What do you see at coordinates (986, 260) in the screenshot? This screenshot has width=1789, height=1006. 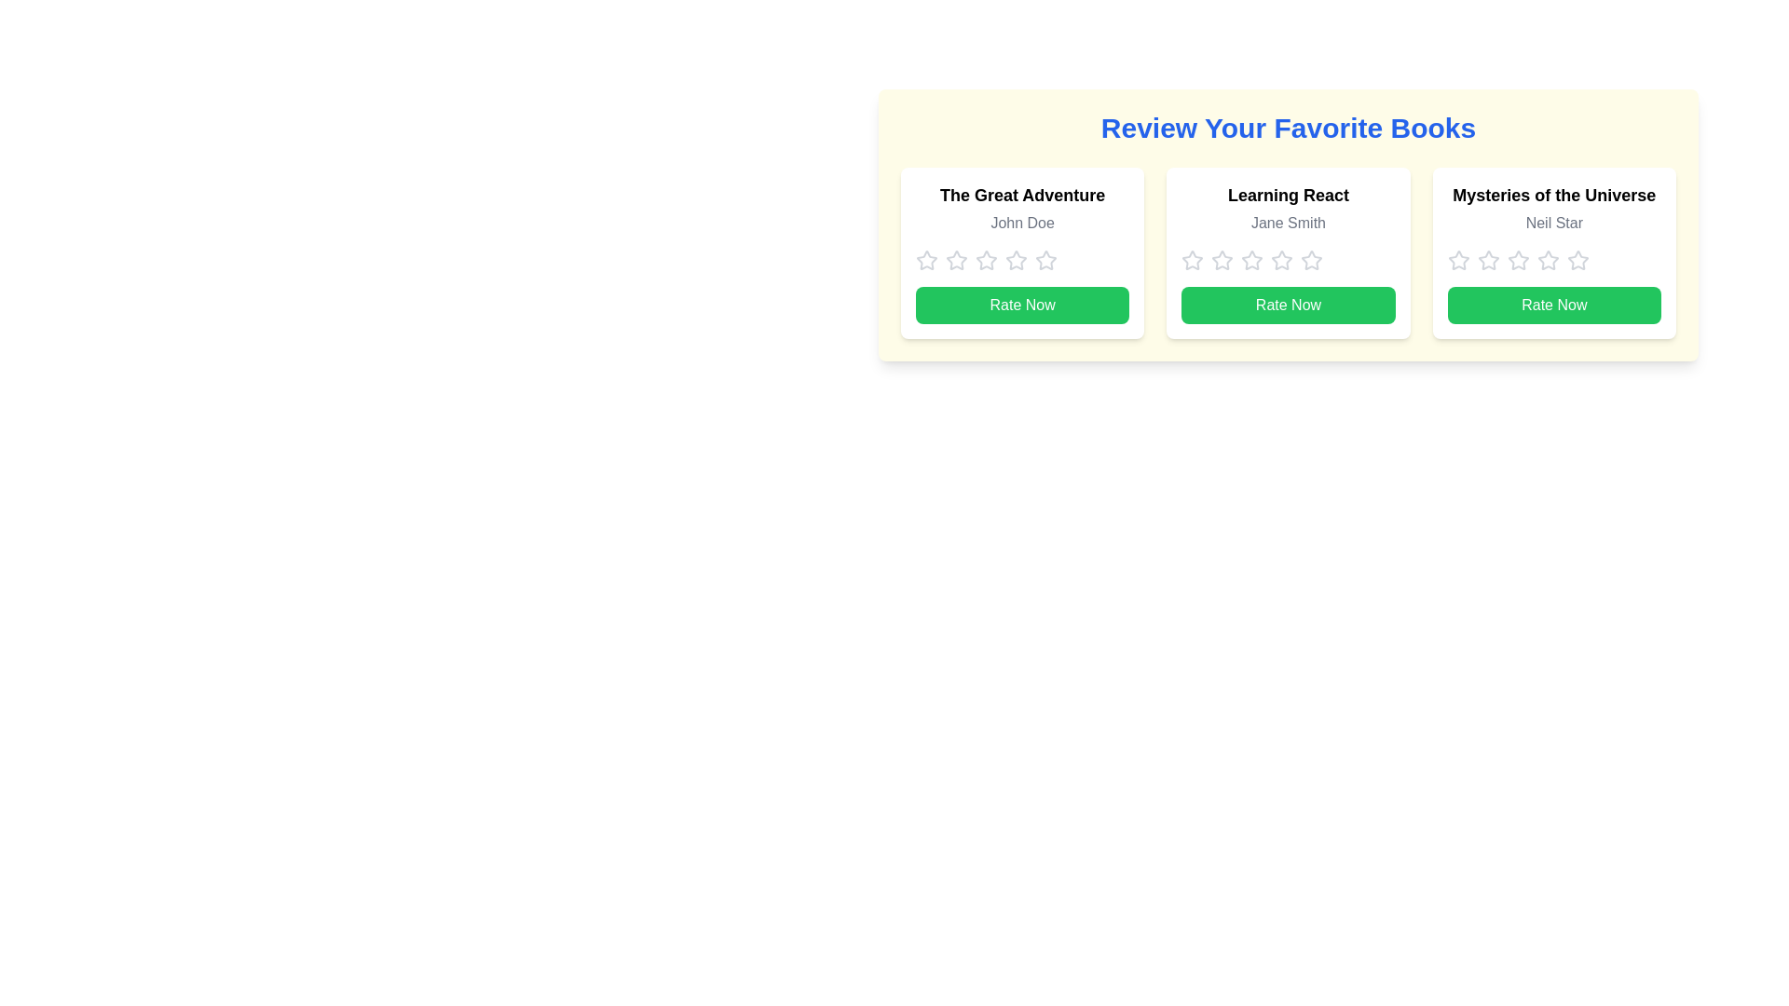 I see `the second star-shaped icon in the rating system for 'The Great Adventure' to trigger the tooltip or effect` at bounding box center [986, 260].